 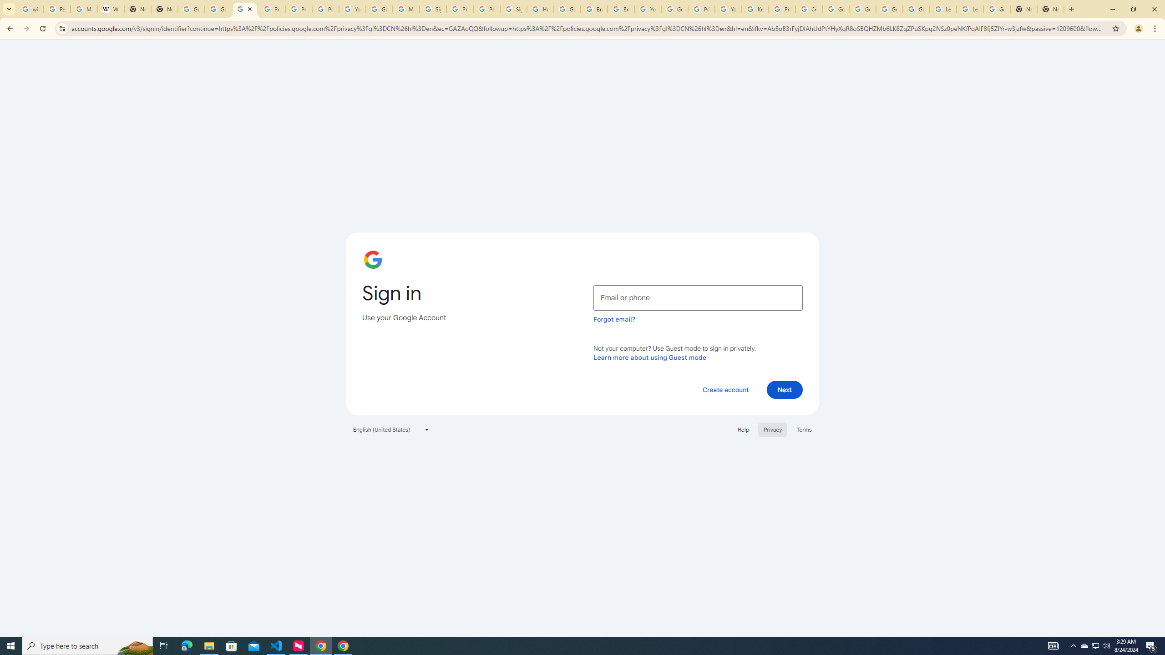 I want to click on 'New Tab', so click(x=1024, y=9).